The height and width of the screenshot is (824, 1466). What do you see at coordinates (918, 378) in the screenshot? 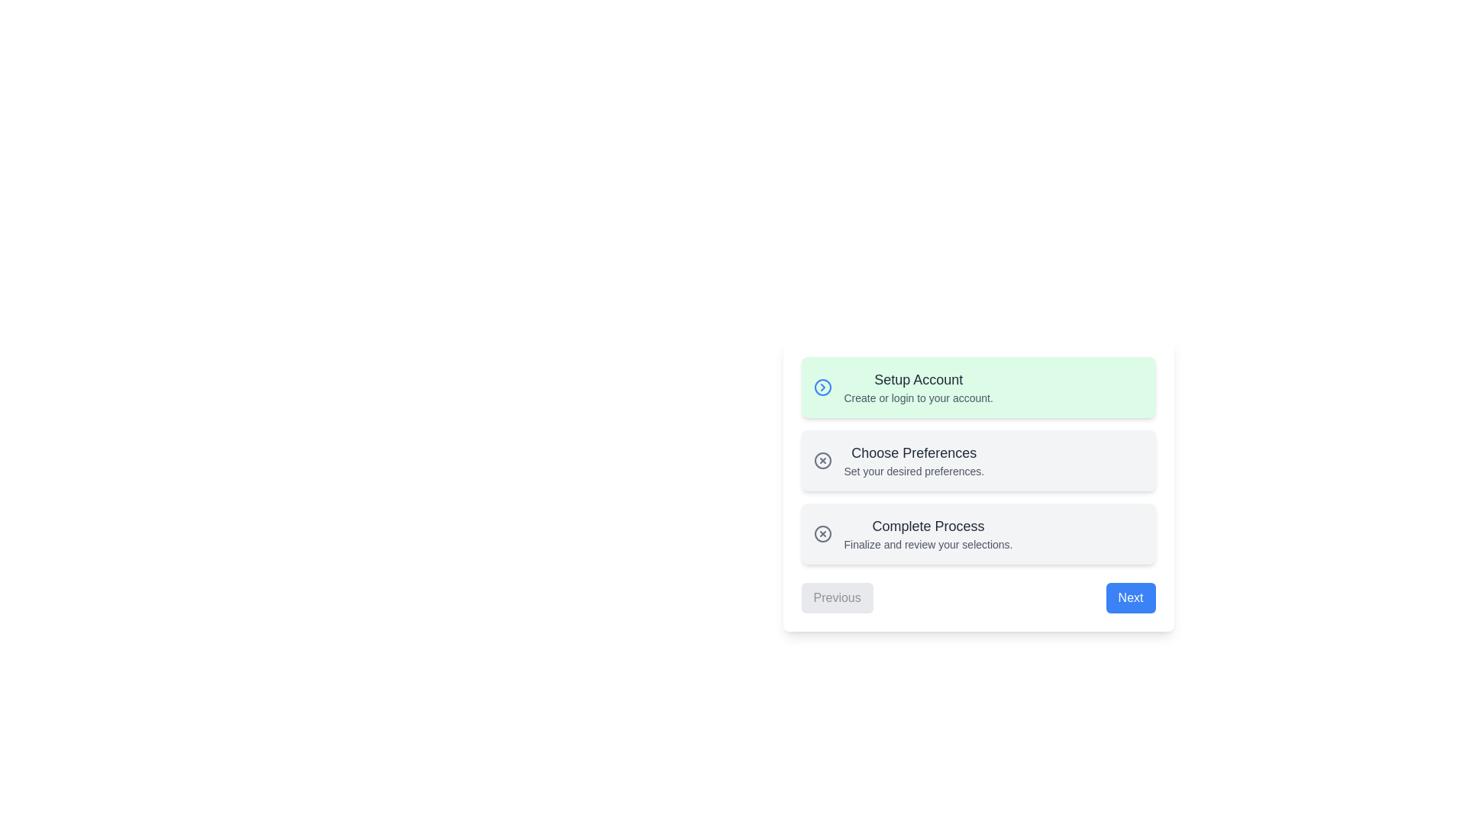
I see `the 'Setup Account' text label, which is styled with a bold font and dark color, located in the first section above the description text` at bounding box center [918, 378].